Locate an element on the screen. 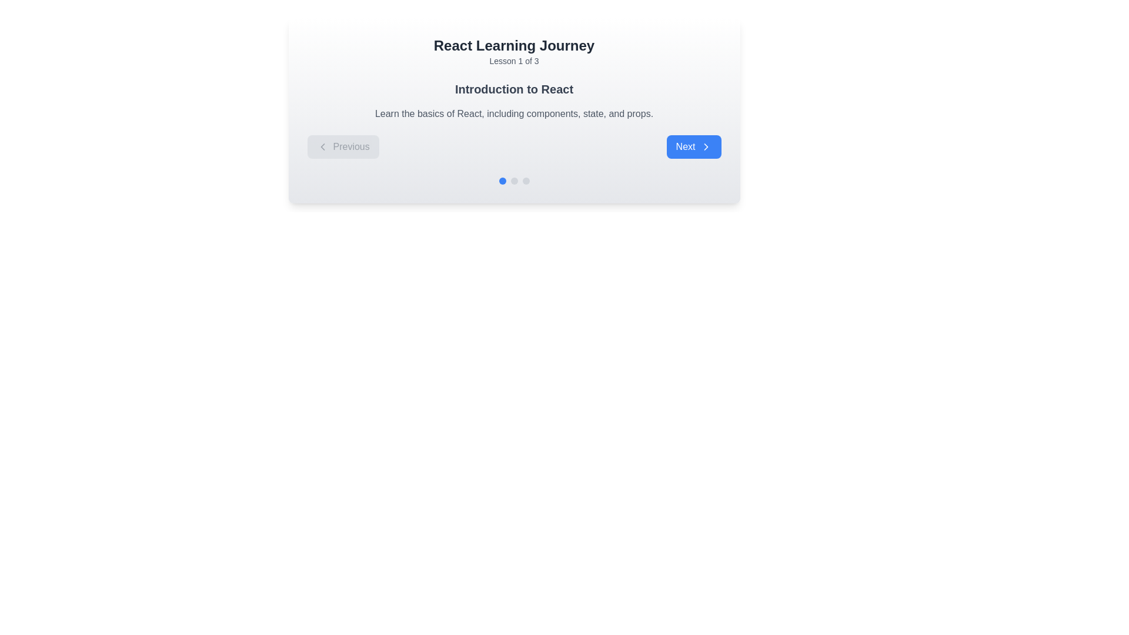 The height and width of the screenshot is (635, 1129). the text header displaying 'Introduction to React', which is styled in bold gray font and positioned prominently above a descriptive paragraph is located at coordinates (514, 88).